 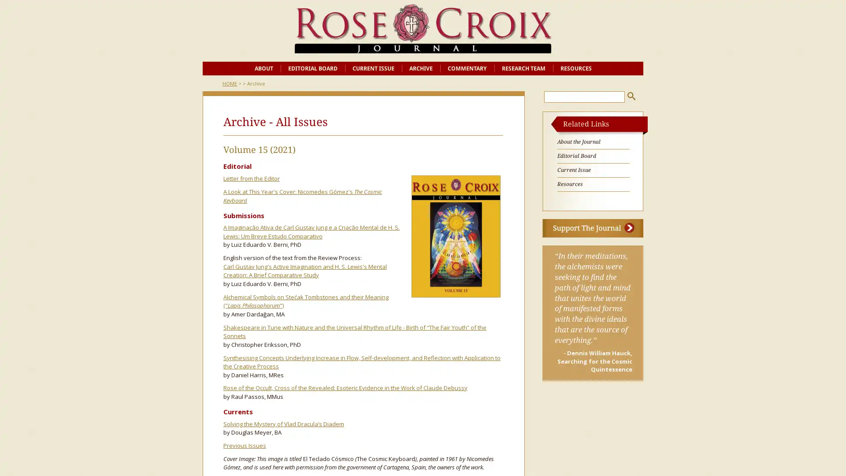 I want to click on search, so click(x=631, y=96).